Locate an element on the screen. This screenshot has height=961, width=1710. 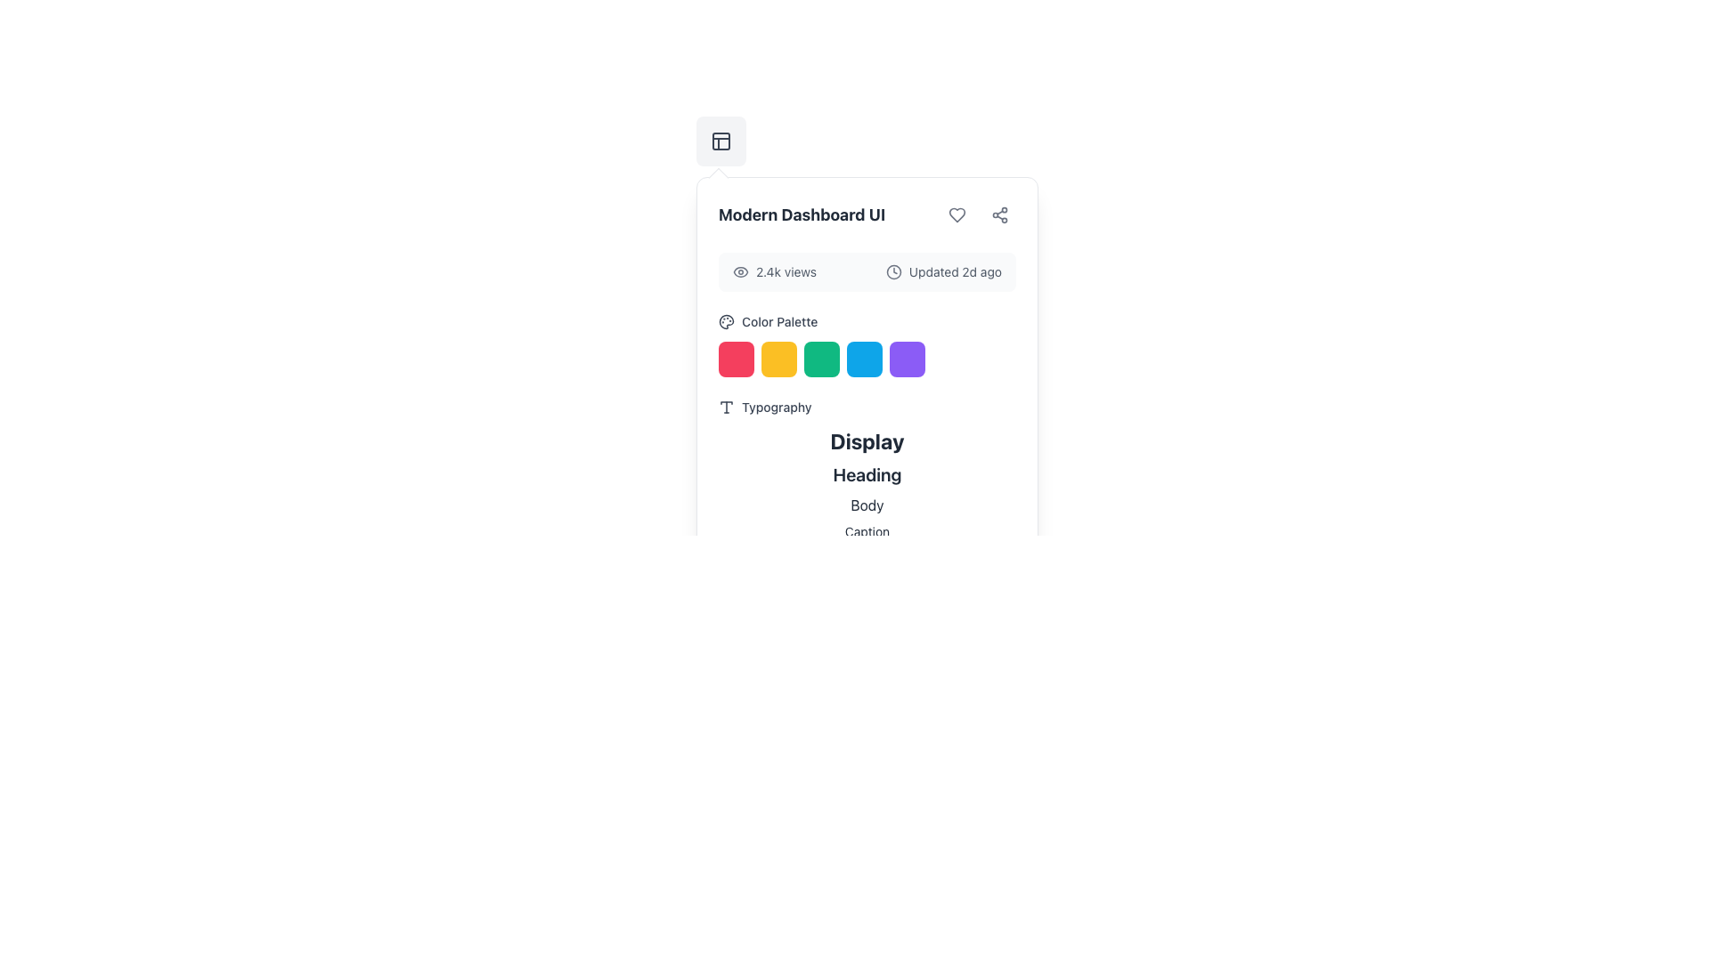
the text label displaying 'Updated 2d ago', which is located to the right of a clock icon in the upper part of the dashboard card is located at coordinates (954, 271).